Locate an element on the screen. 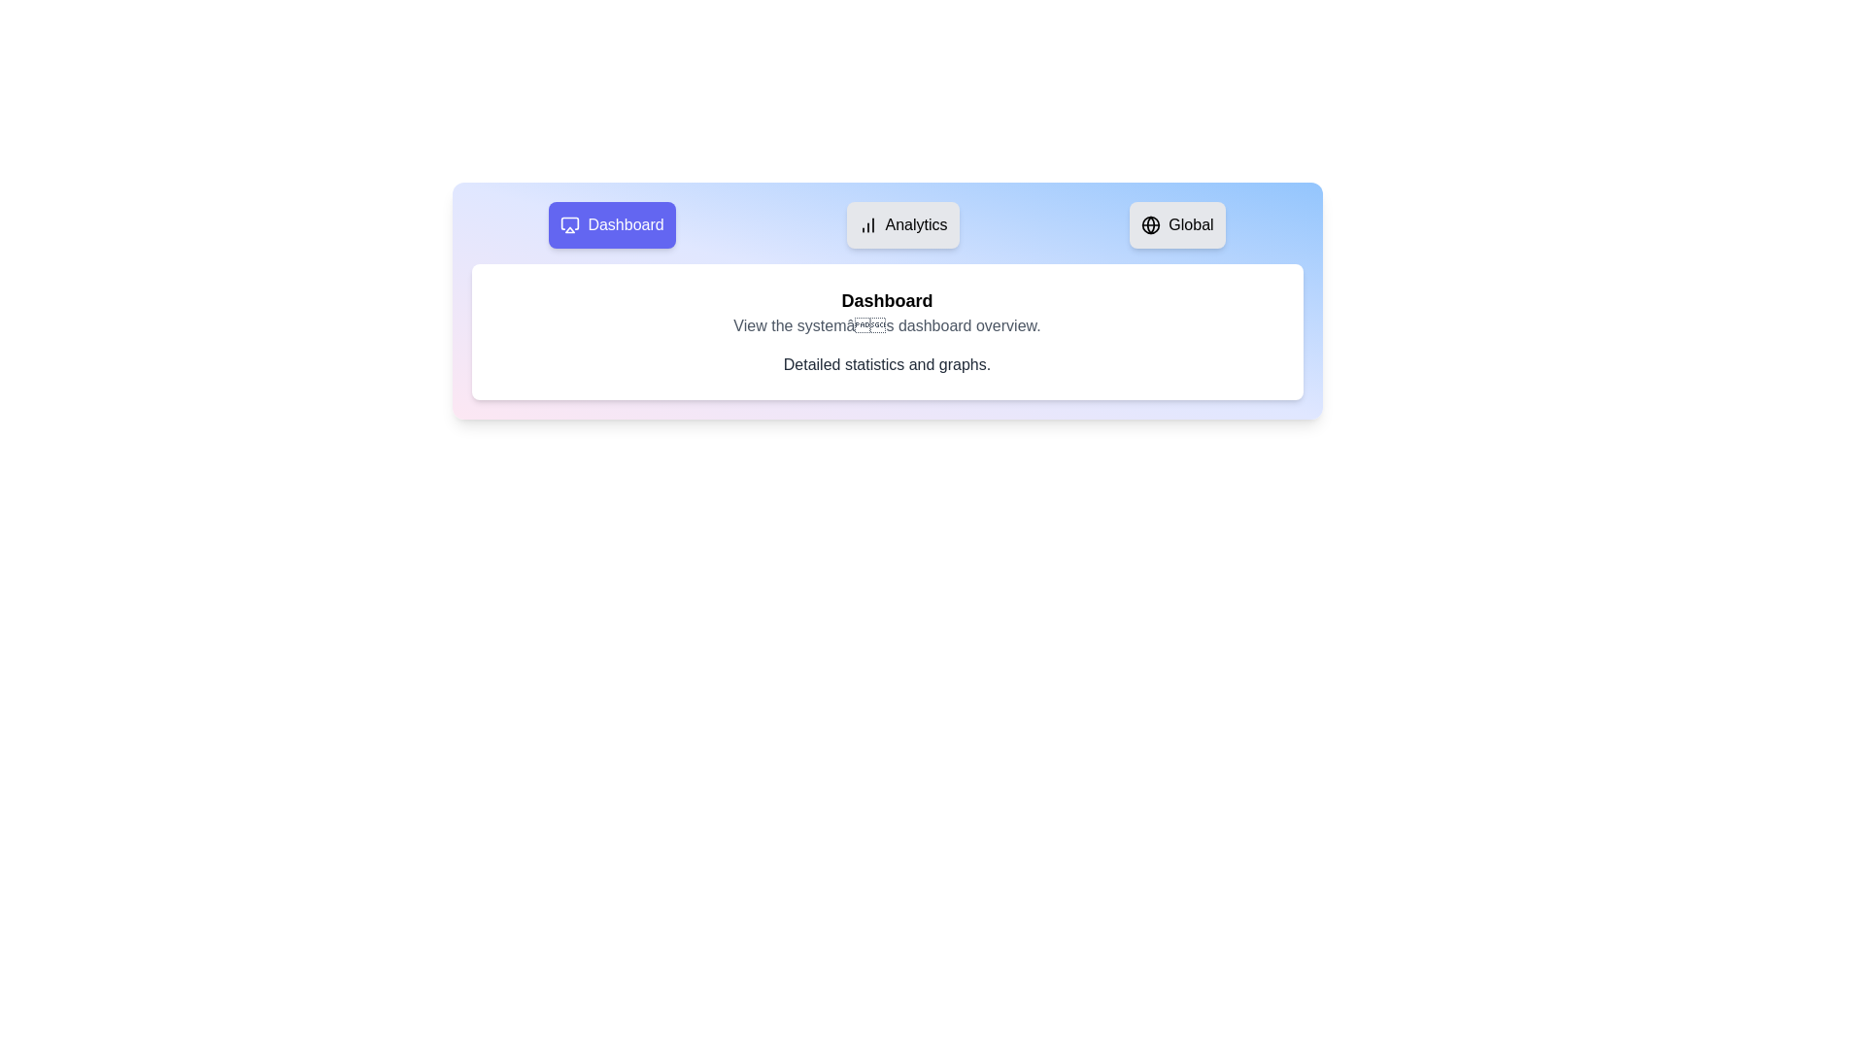 This screenshot has height=1049, width=1865. the tab labeled Dashboard is located at coordinates (611, 223).